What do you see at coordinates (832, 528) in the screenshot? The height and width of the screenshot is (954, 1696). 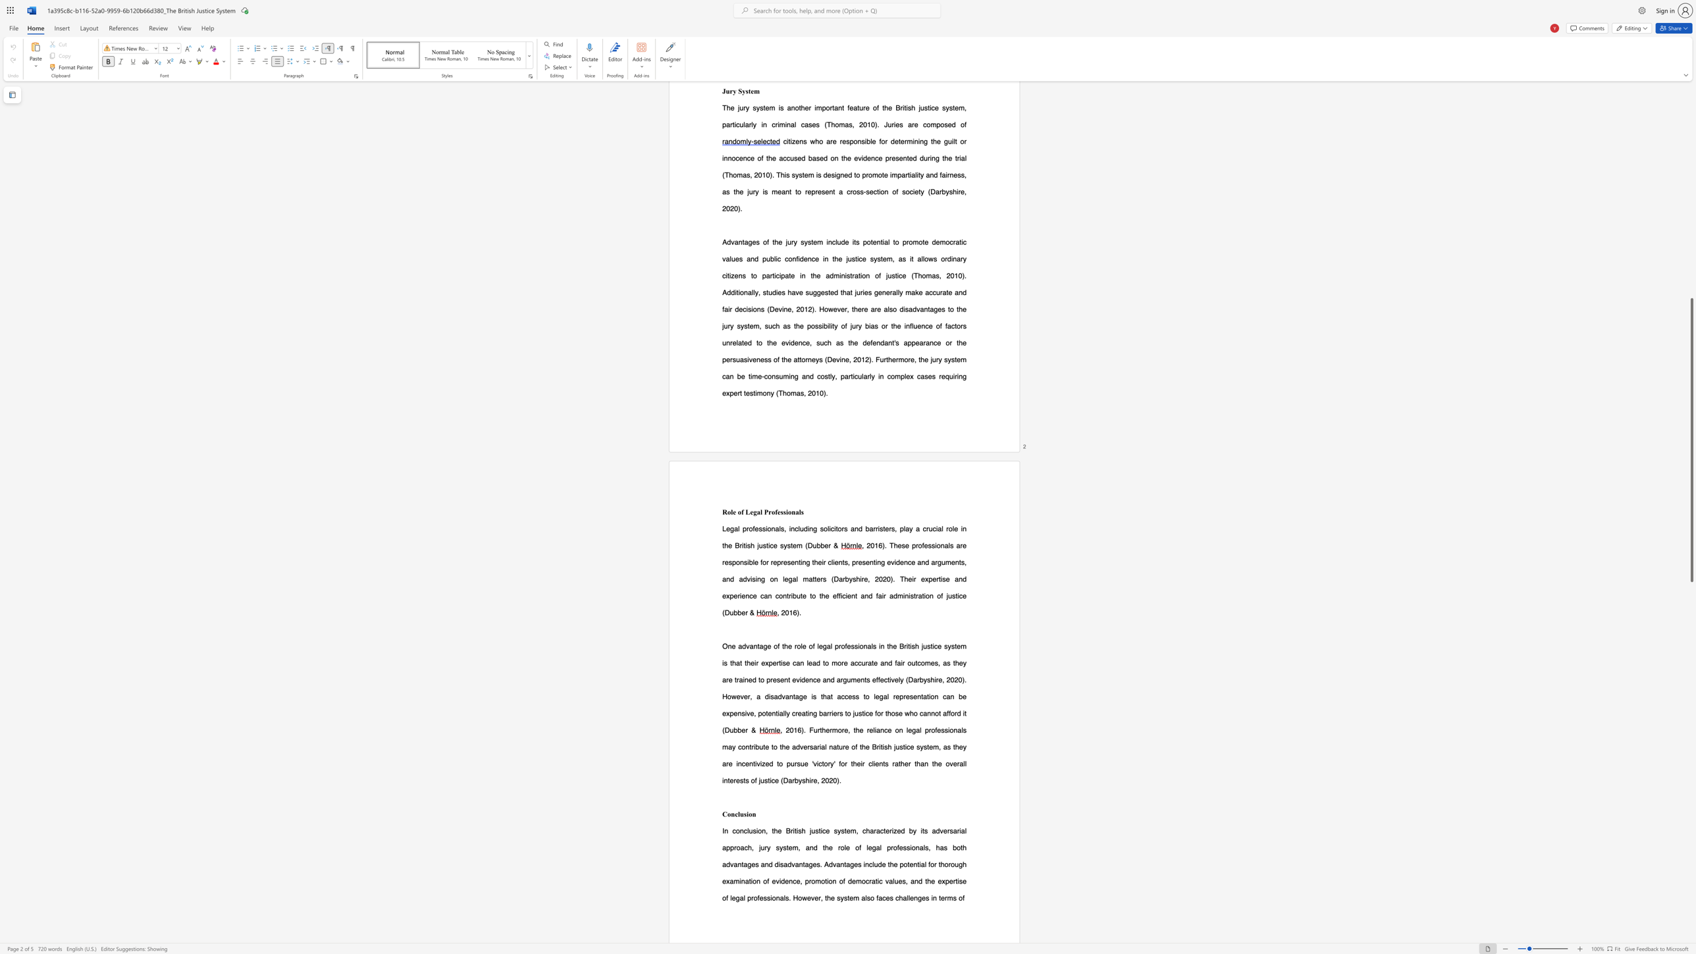 I see `the 2th character "c" in the text` at bounding box center [832, 528].